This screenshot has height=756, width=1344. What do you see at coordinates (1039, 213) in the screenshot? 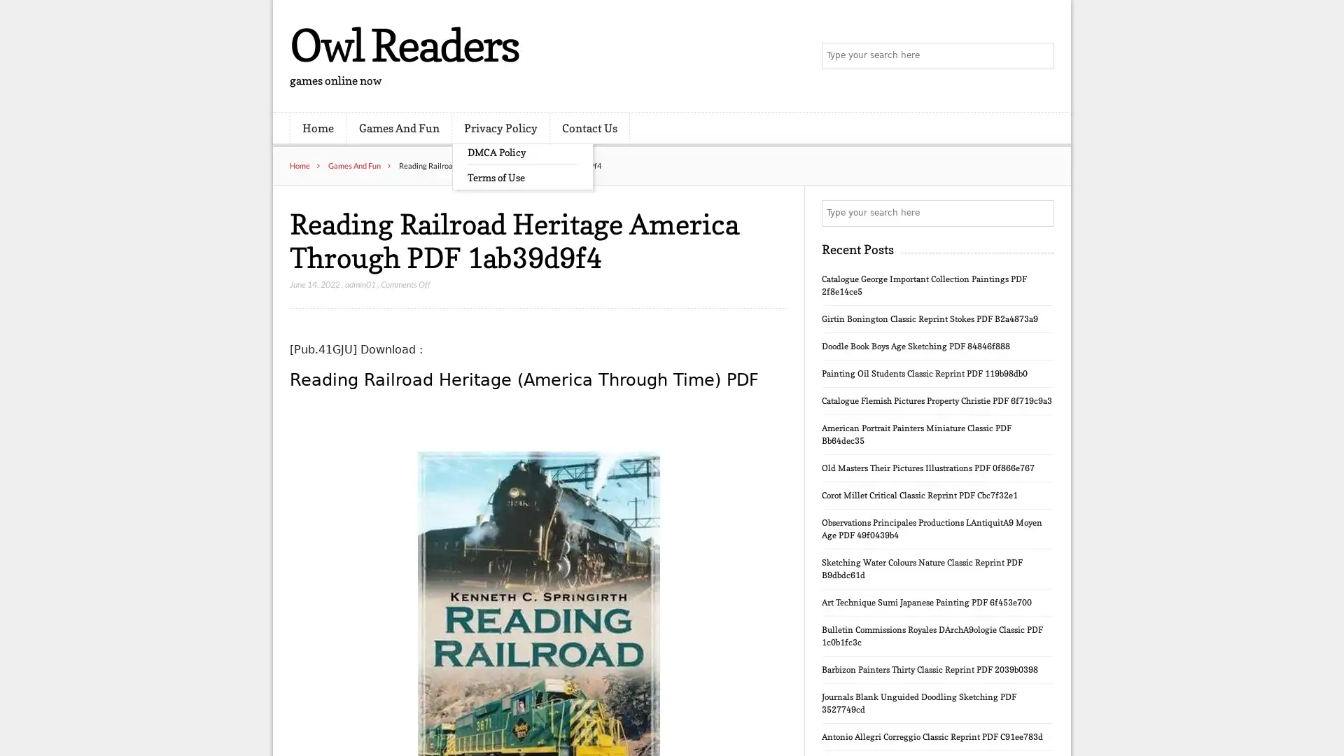
I see `Search` at bounding box center [1039, 213].